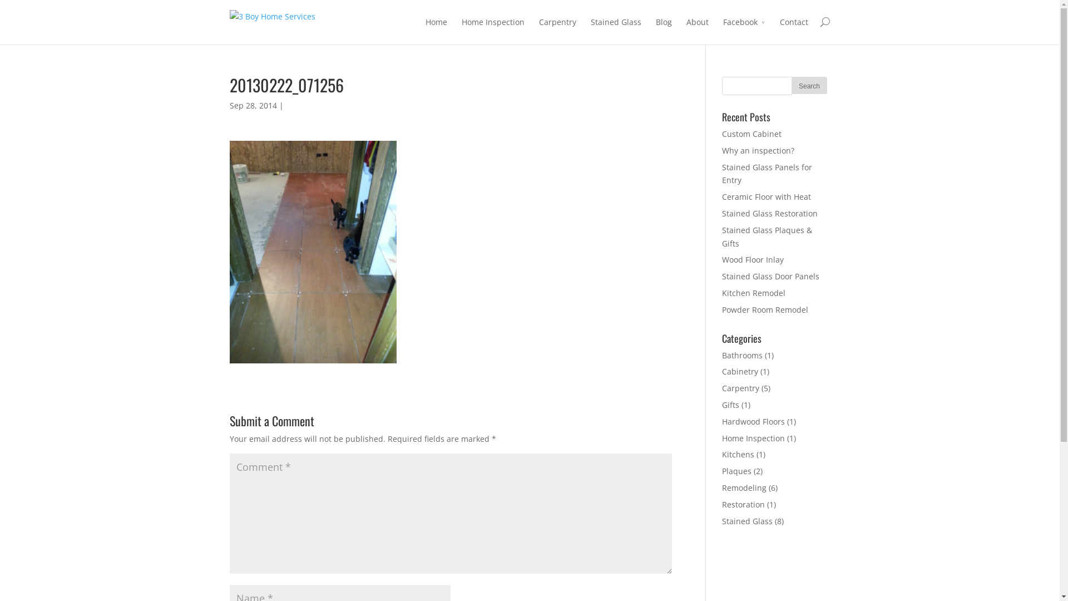 The image size is (1068, 601). Describe the element at coordinates (770, 275) in the screenshot. I see `'Stained Glass Door Panels'` at that location.